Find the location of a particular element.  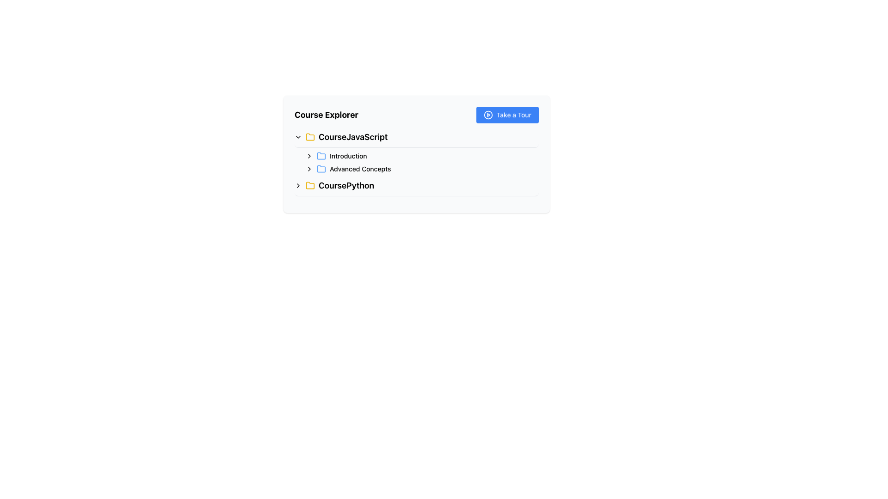

the 'Advanced Concepts' text label located in the 'Course Explorer' under 'CourseJavaScript' is located at coordinates (360, 169).